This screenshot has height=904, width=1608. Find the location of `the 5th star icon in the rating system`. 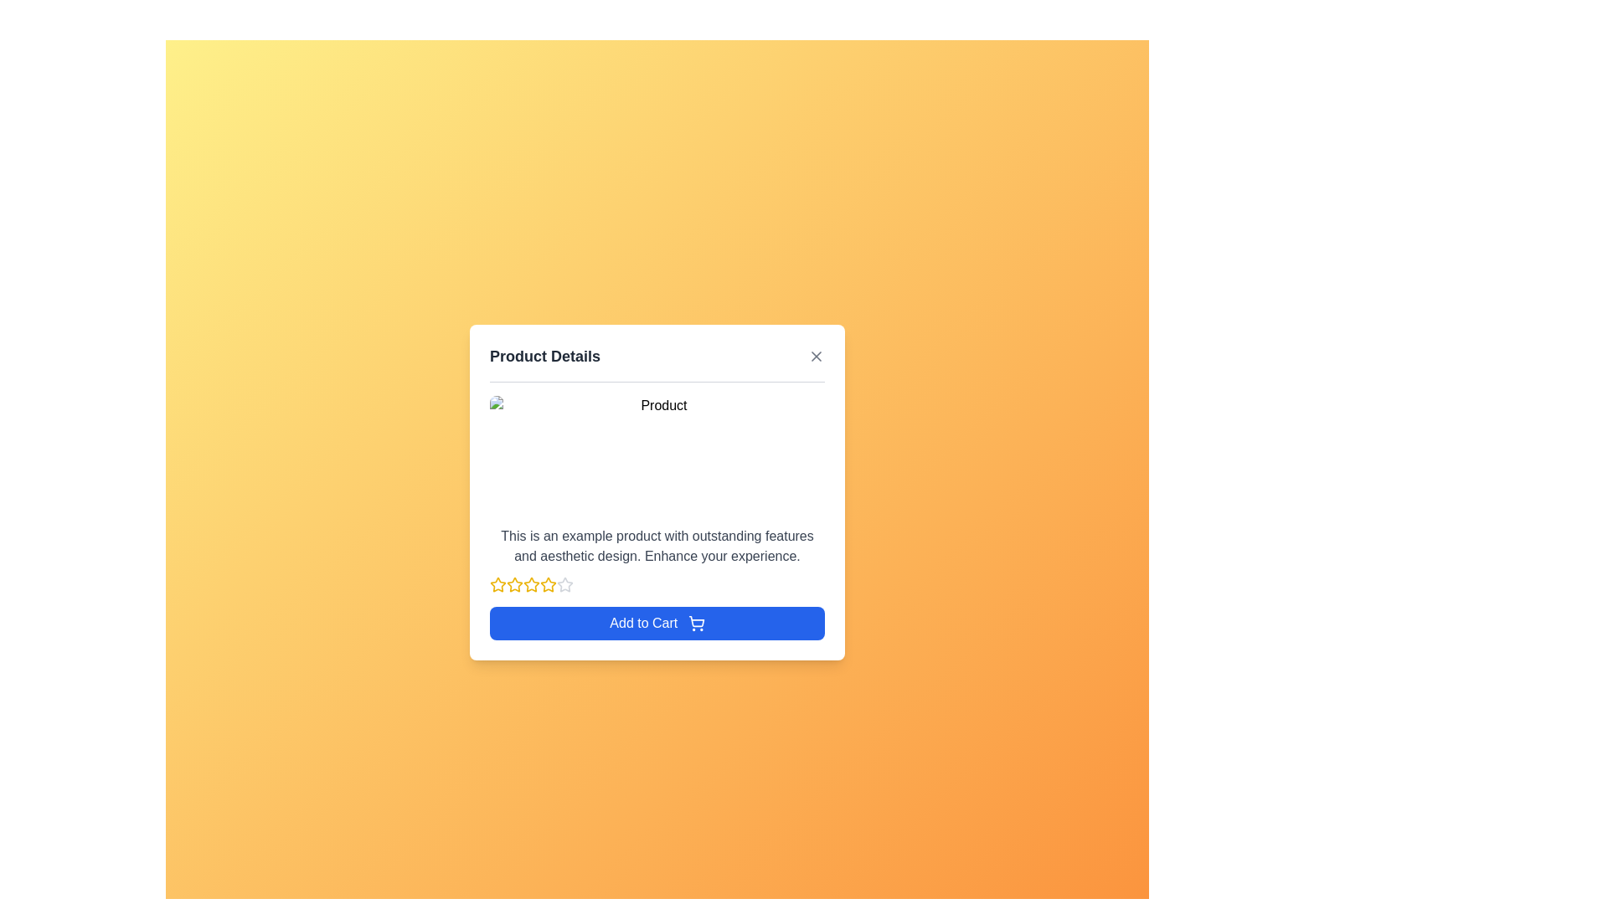

the 5th star icon in the rating system is located at coordinates (565, 583).